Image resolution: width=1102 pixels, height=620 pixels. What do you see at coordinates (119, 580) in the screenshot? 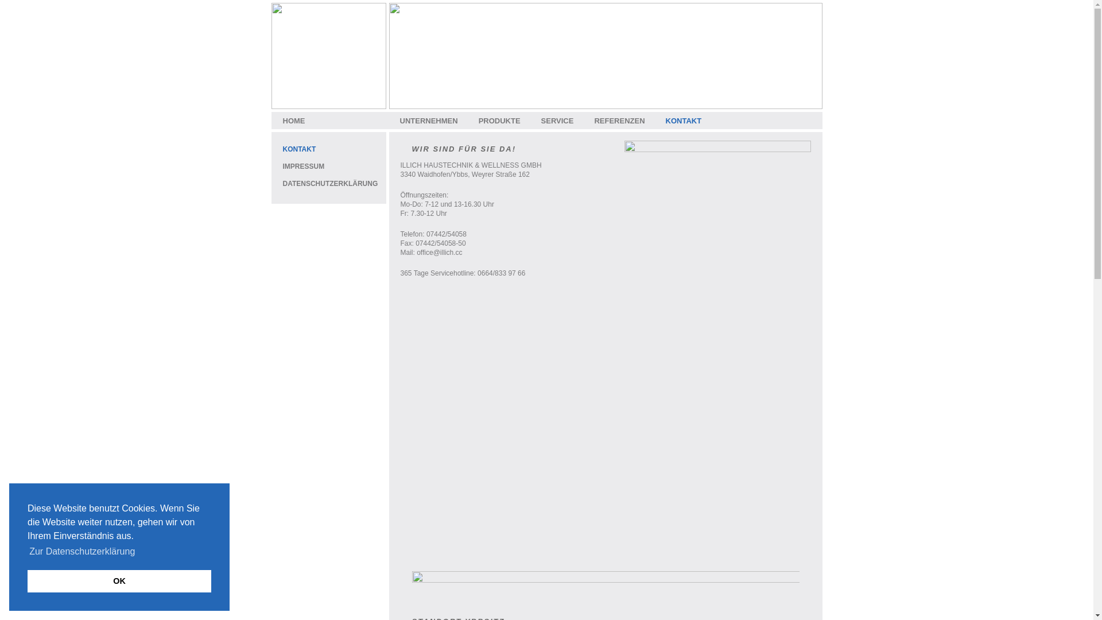
I see `'OK'` at bounding box center [119, 580].